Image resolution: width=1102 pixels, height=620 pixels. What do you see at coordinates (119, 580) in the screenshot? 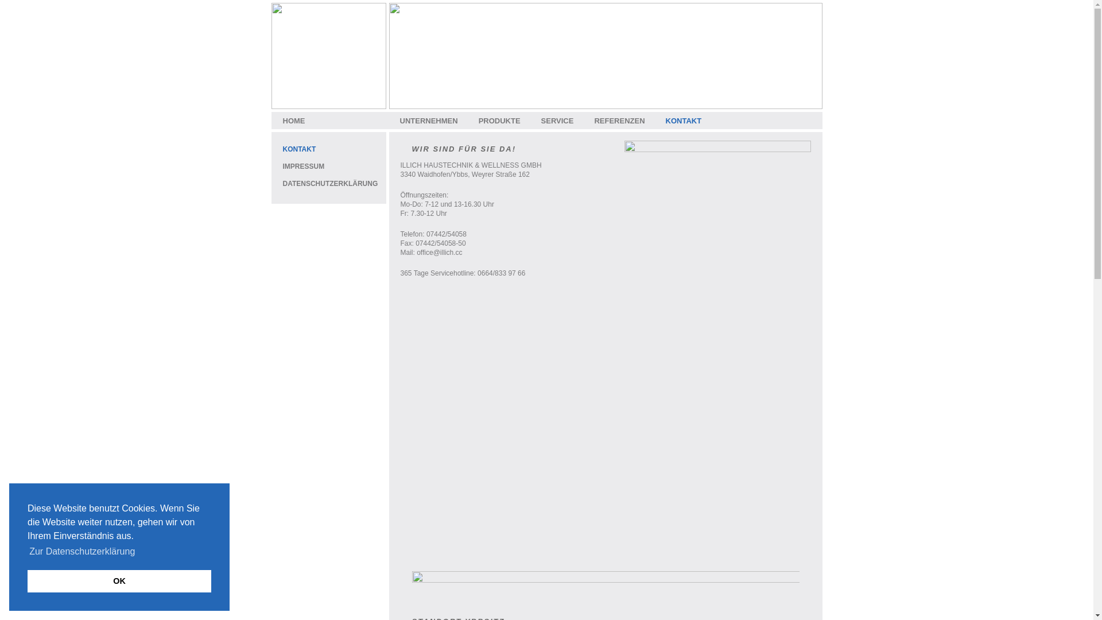
I see `'OK'` at bounding box center [119, 580].